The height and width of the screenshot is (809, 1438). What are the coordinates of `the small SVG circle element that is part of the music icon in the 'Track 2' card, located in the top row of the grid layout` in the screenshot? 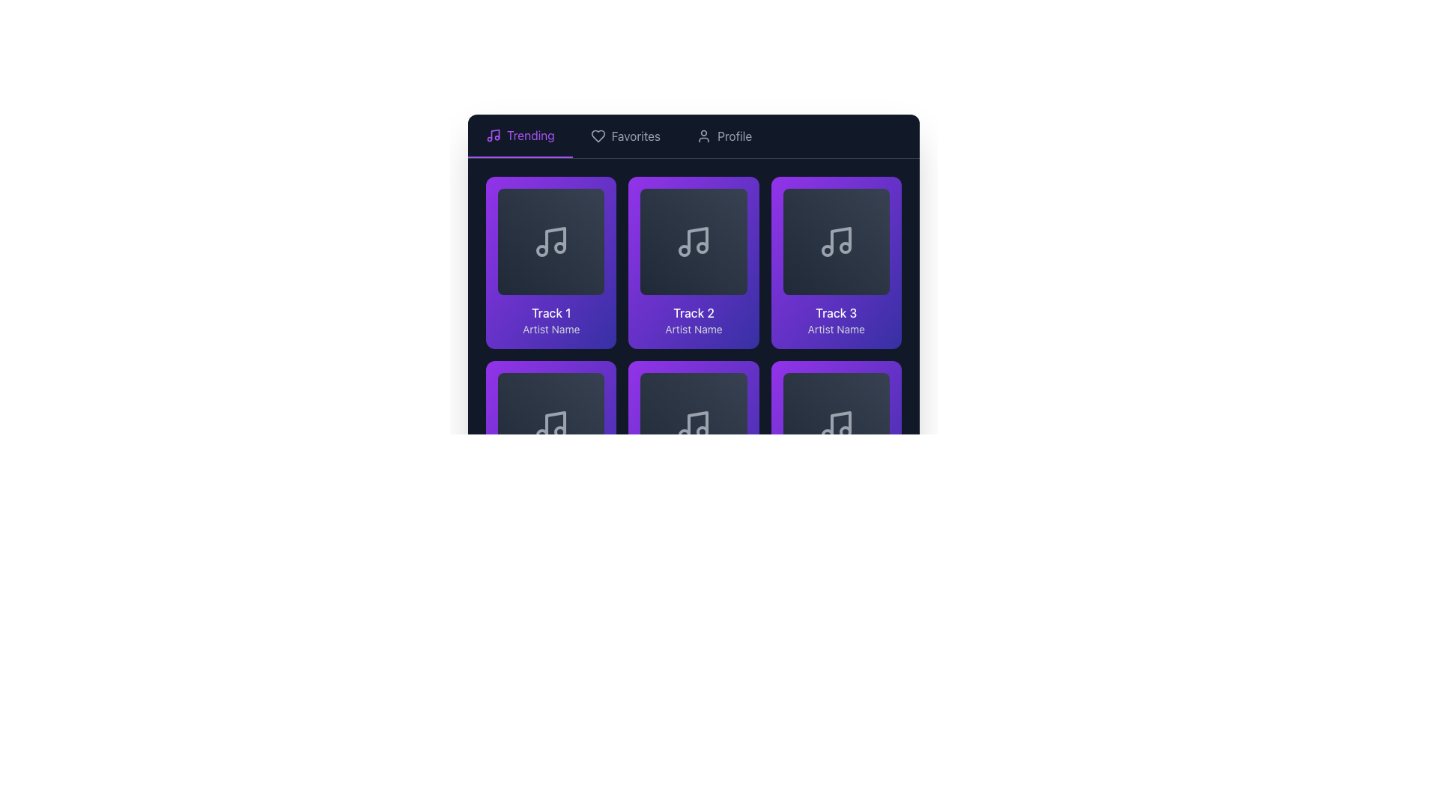 It's located at (684, 250).